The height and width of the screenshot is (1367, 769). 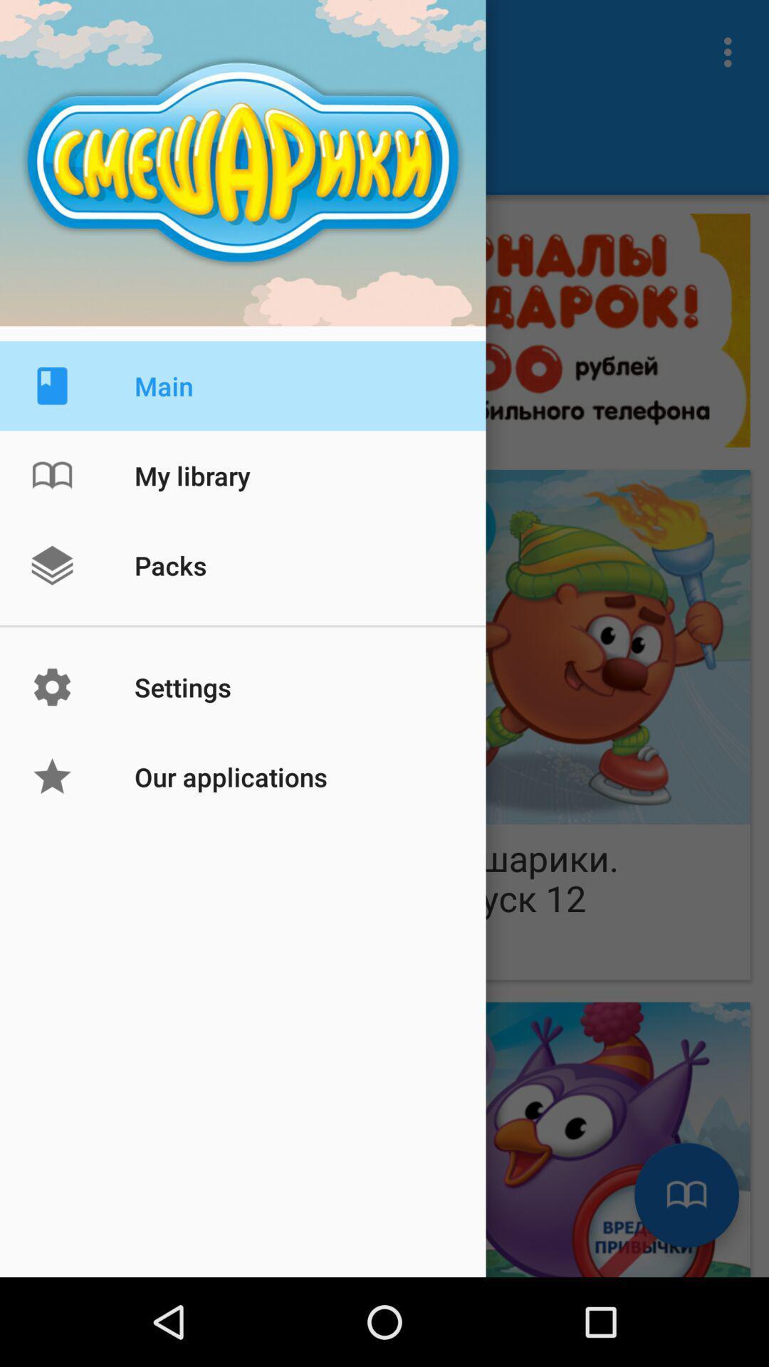 I want to click on the book icon, so click(x=686, y=1195).